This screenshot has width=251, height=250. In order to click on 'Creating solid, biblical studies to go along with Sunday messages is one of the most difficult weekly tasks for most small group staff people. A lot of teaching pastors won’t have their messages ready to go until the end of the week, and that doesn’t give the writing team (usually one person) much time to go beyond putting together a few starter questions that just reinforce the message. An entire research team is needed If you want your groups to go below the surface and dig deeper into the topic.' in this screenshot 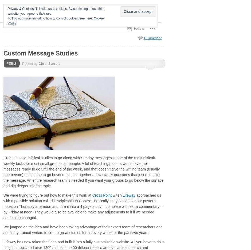, I will do `click(3, 172)`.